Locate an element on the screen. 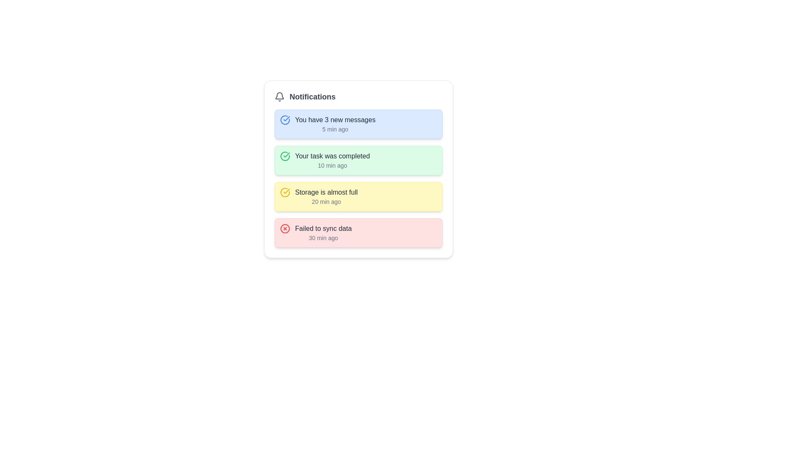  the status icon located in the uppermost notification card, positioned to the left of the text content, indicating a completed or positive status is located at coordinates (285, 120).